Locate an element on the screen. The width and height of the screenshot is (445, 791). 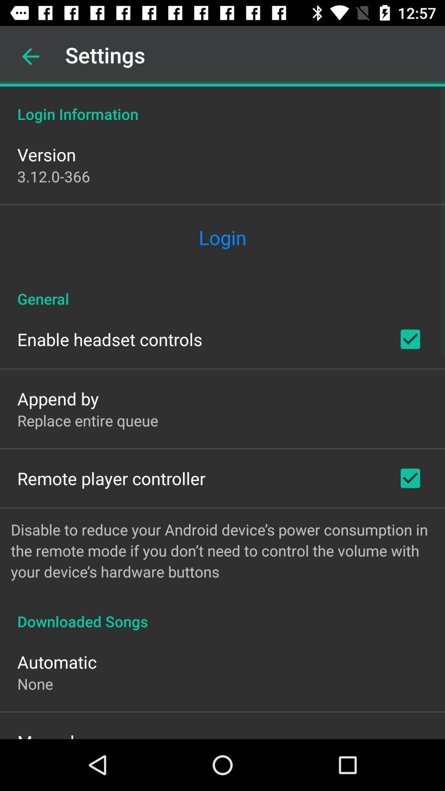
item below login item is located at coordinates (222, 290).